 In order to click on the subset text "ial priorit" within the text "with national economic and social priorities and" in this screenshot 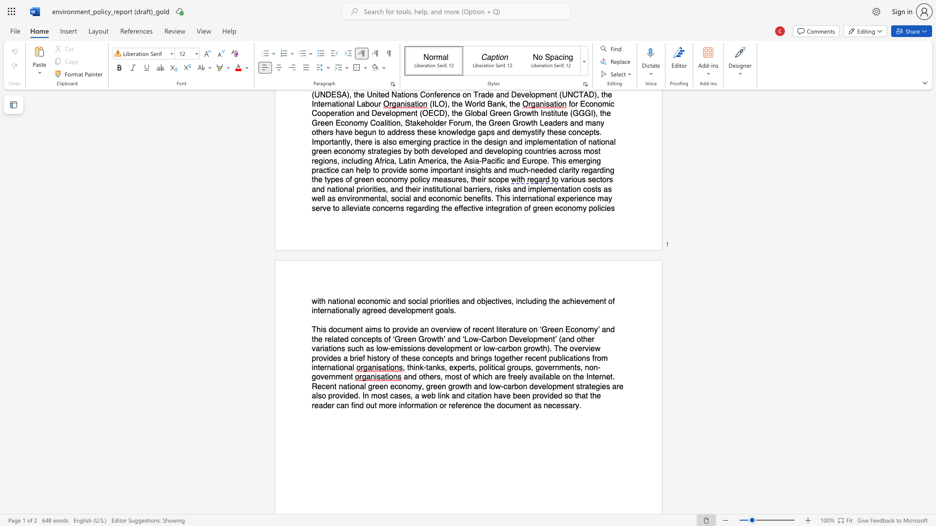, I will do `click(420, 301)`.